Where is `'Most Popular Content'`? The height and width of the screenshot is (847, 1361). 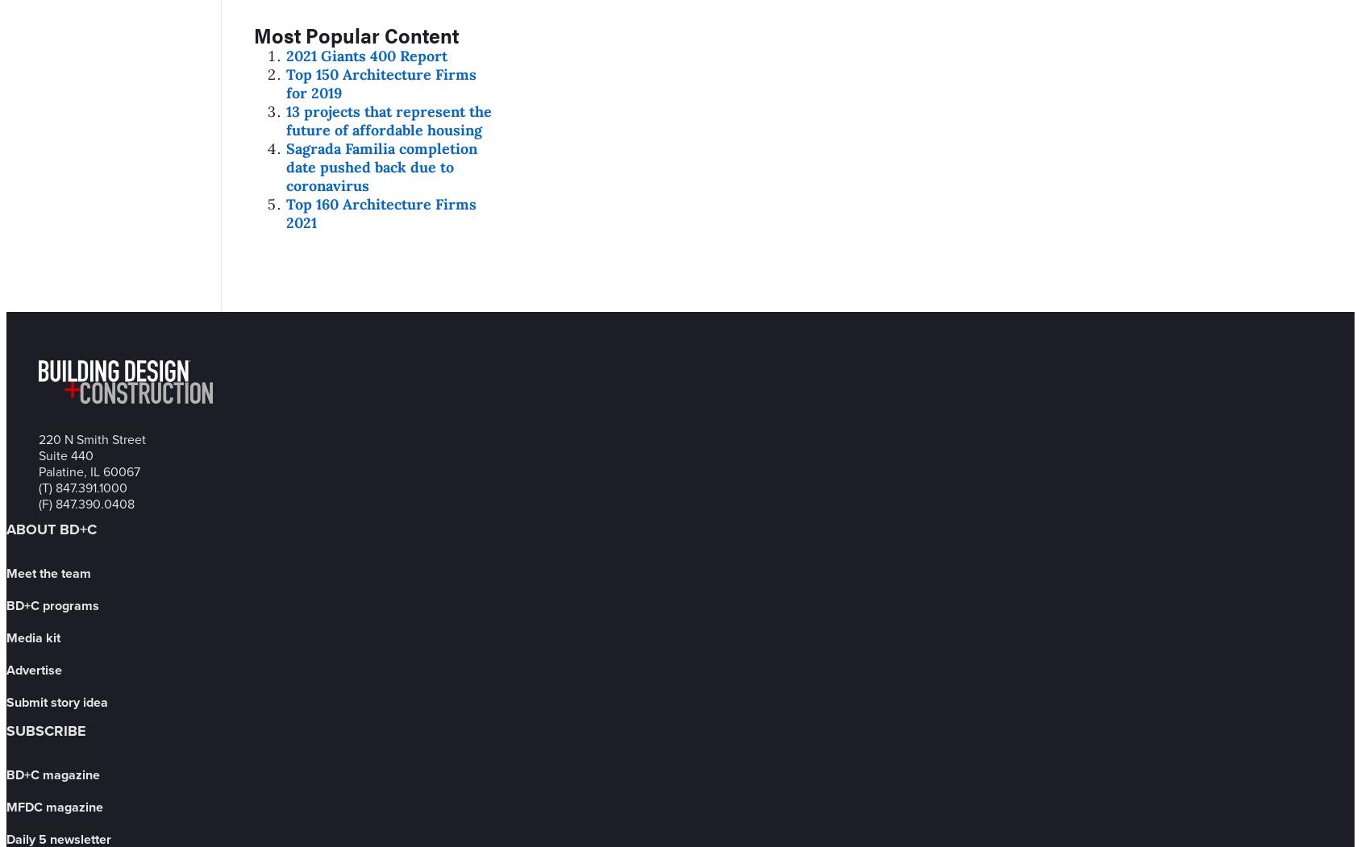
'Most Popular Content' is located at coordinates (355, 33).